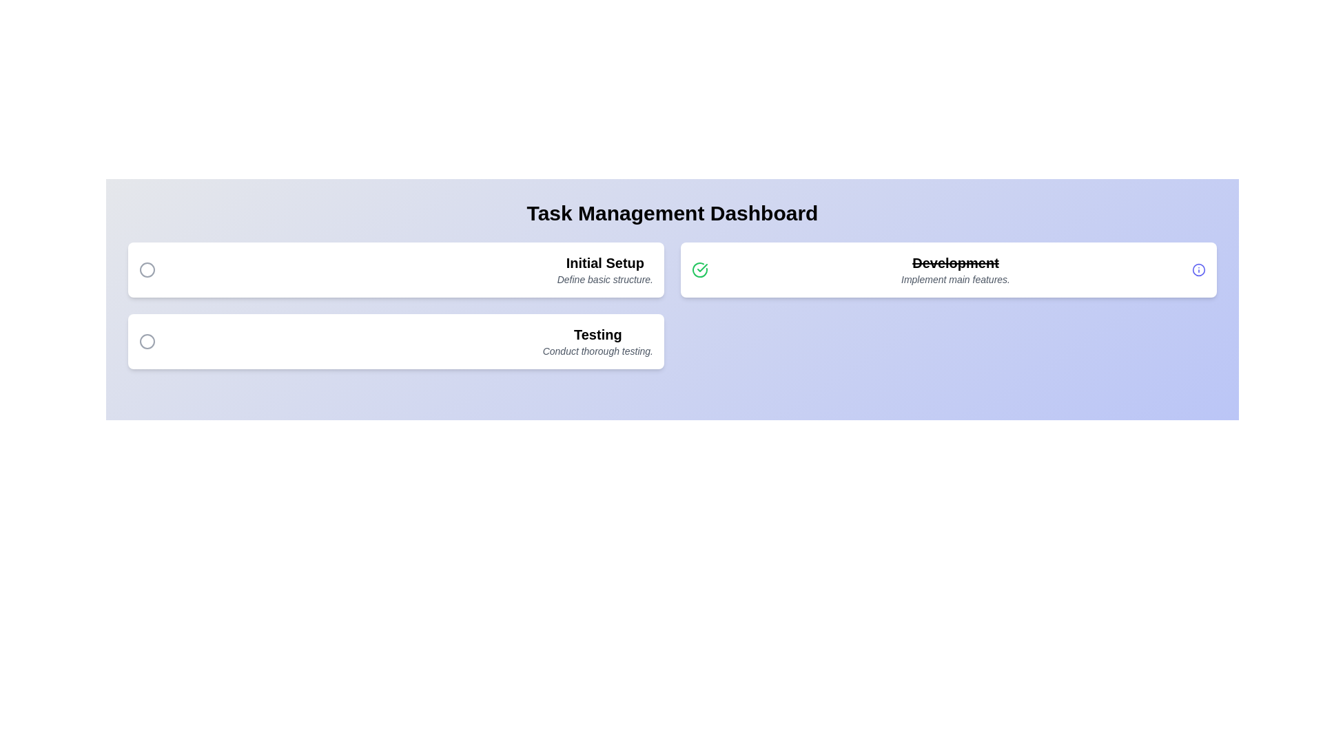 This screenshot has width=1323, height=744. Describe the element at coordinates (147, 341) in the screenshot. I see `the toggle button for task 3` at that location.